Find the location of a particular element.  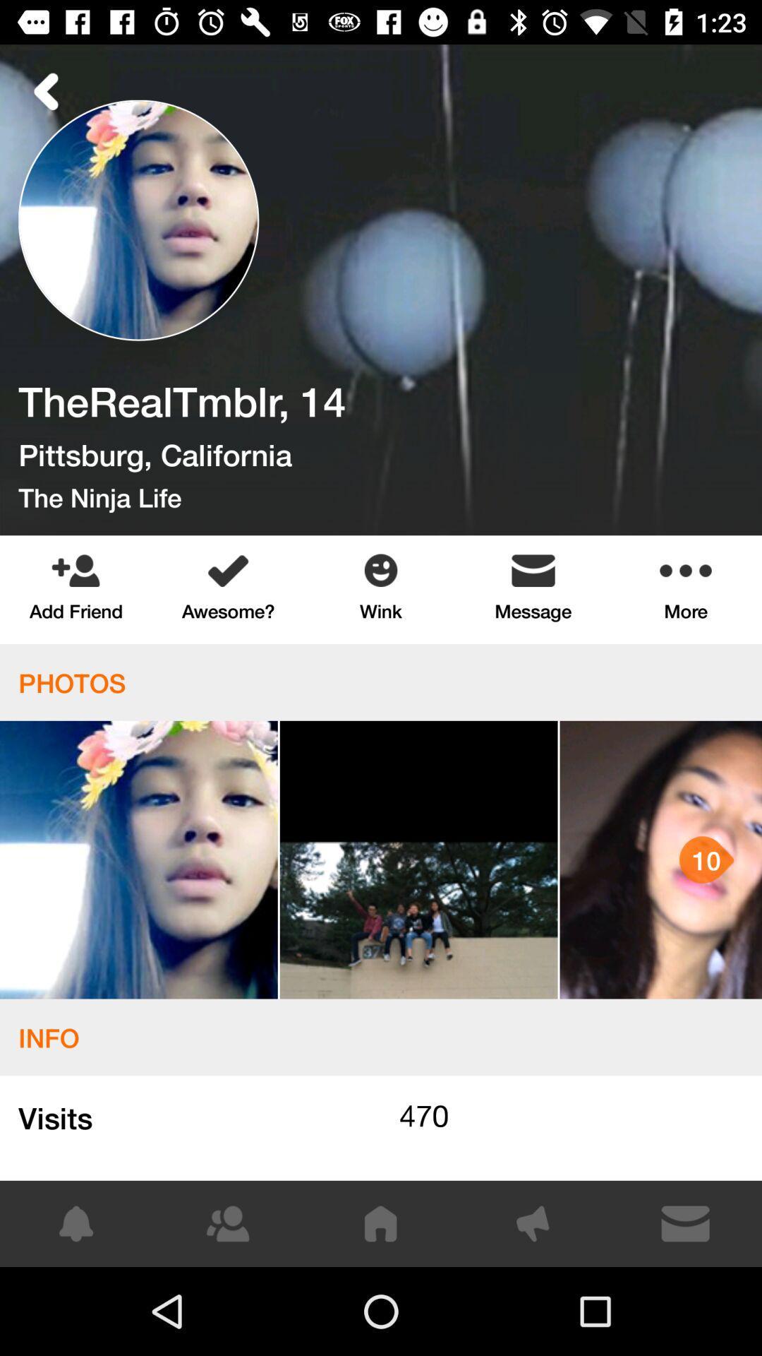

the arrow_backward icon is located at coordinates (46, 90).